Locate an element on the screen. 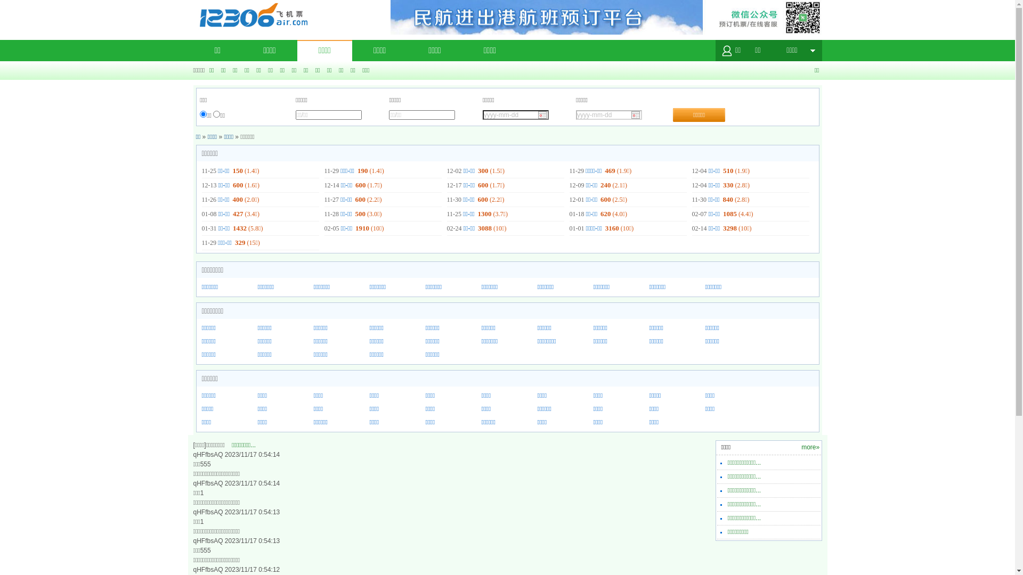 This screenshot has height=575, width=1023. 'yyyy-mm-dd' is located at coordinates (608, 115).